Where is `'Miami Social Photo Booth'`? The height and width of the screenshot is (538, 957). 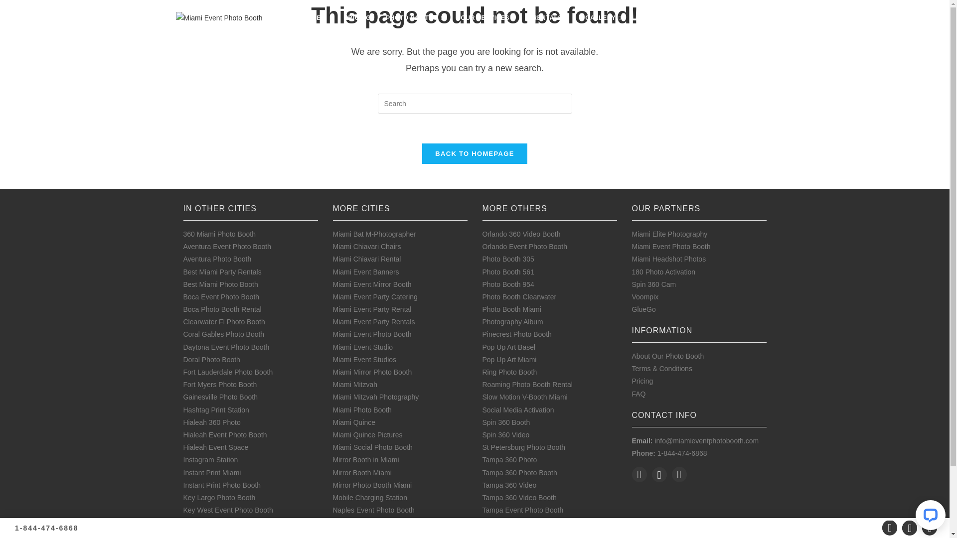 'Miami Social Photo Booth' is located at coordinates (372, 447).